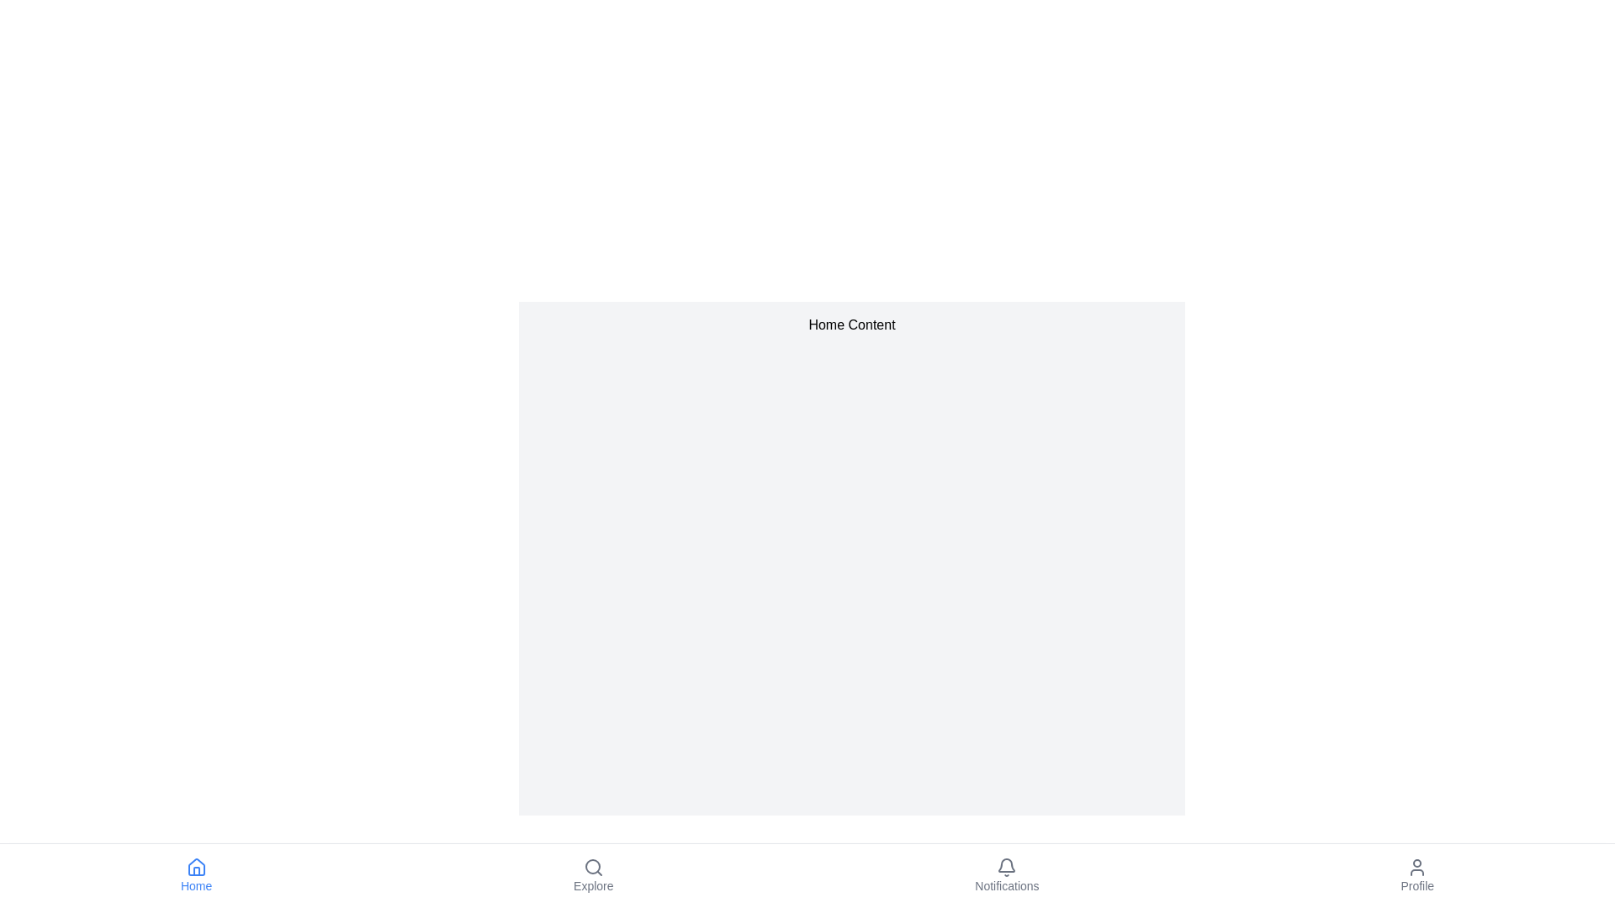  Describe the element at coordinates (1007, 874) in the screenshot. I see `the 'Notifications' button, which is the third item in the bottom navigation bar, displaying a bell icon with a label below it` at that location.